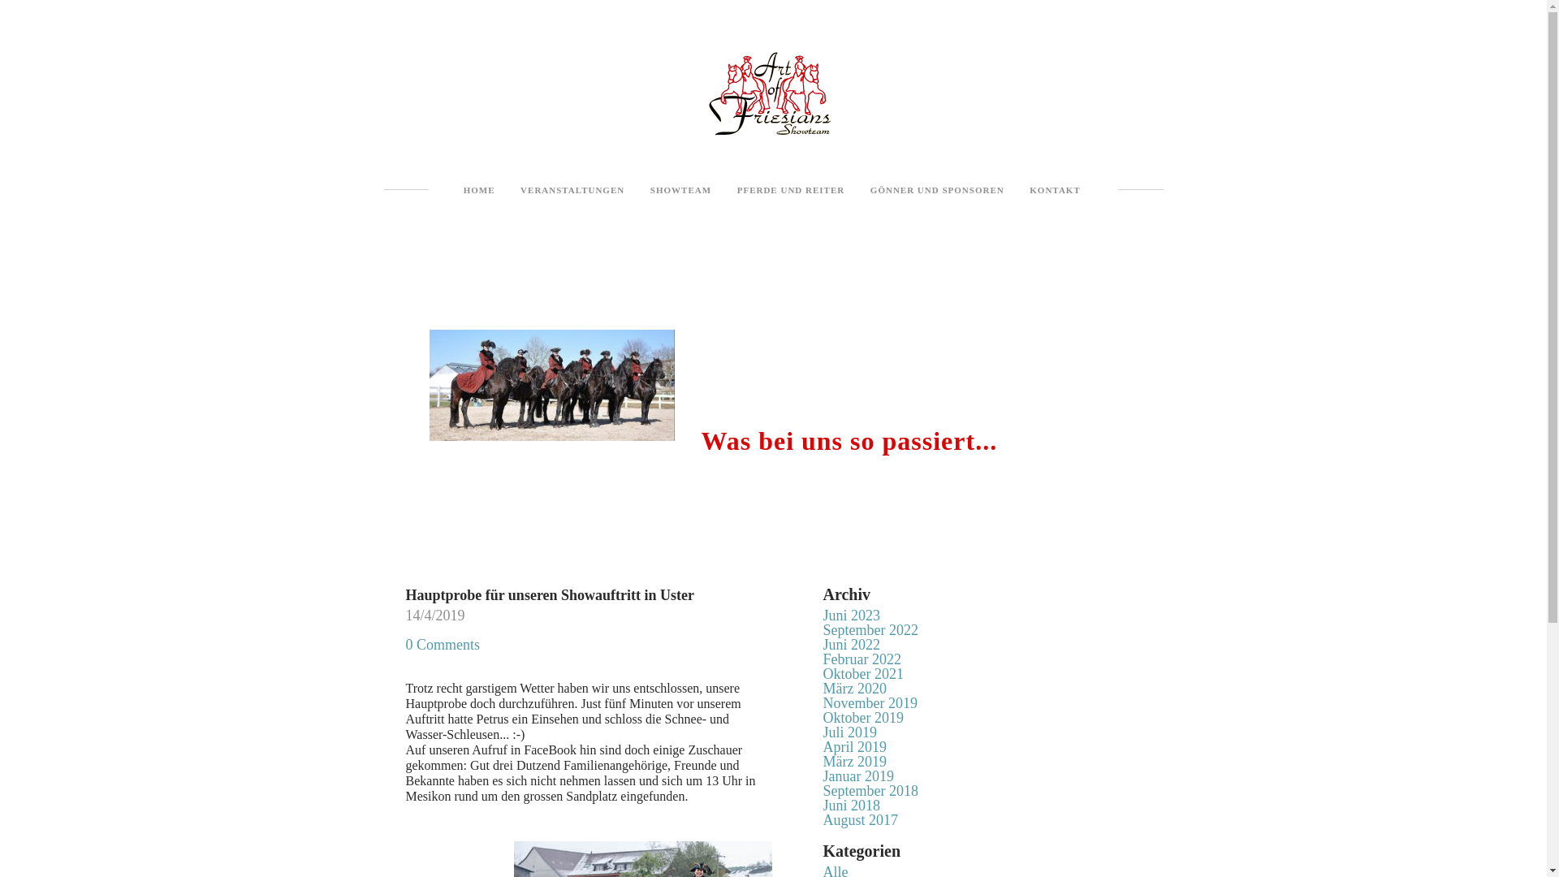  What do you see at coordinates (791, 189) in the screenshot?
I see `'PFERDE UND REITER'` at bounding box center [791, 189].